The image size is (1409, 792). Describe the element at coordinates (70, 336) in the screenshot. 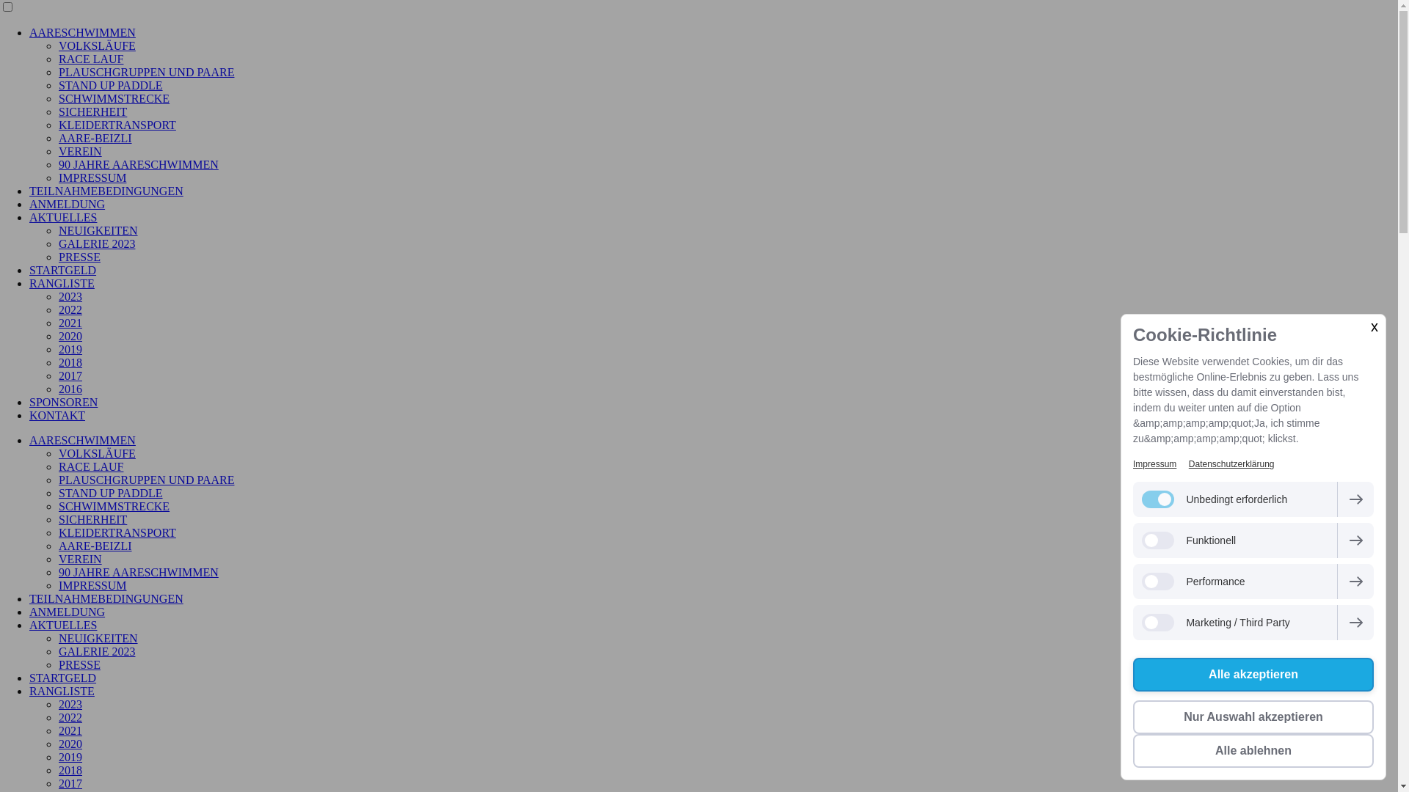

I see `'2020'` at that location.